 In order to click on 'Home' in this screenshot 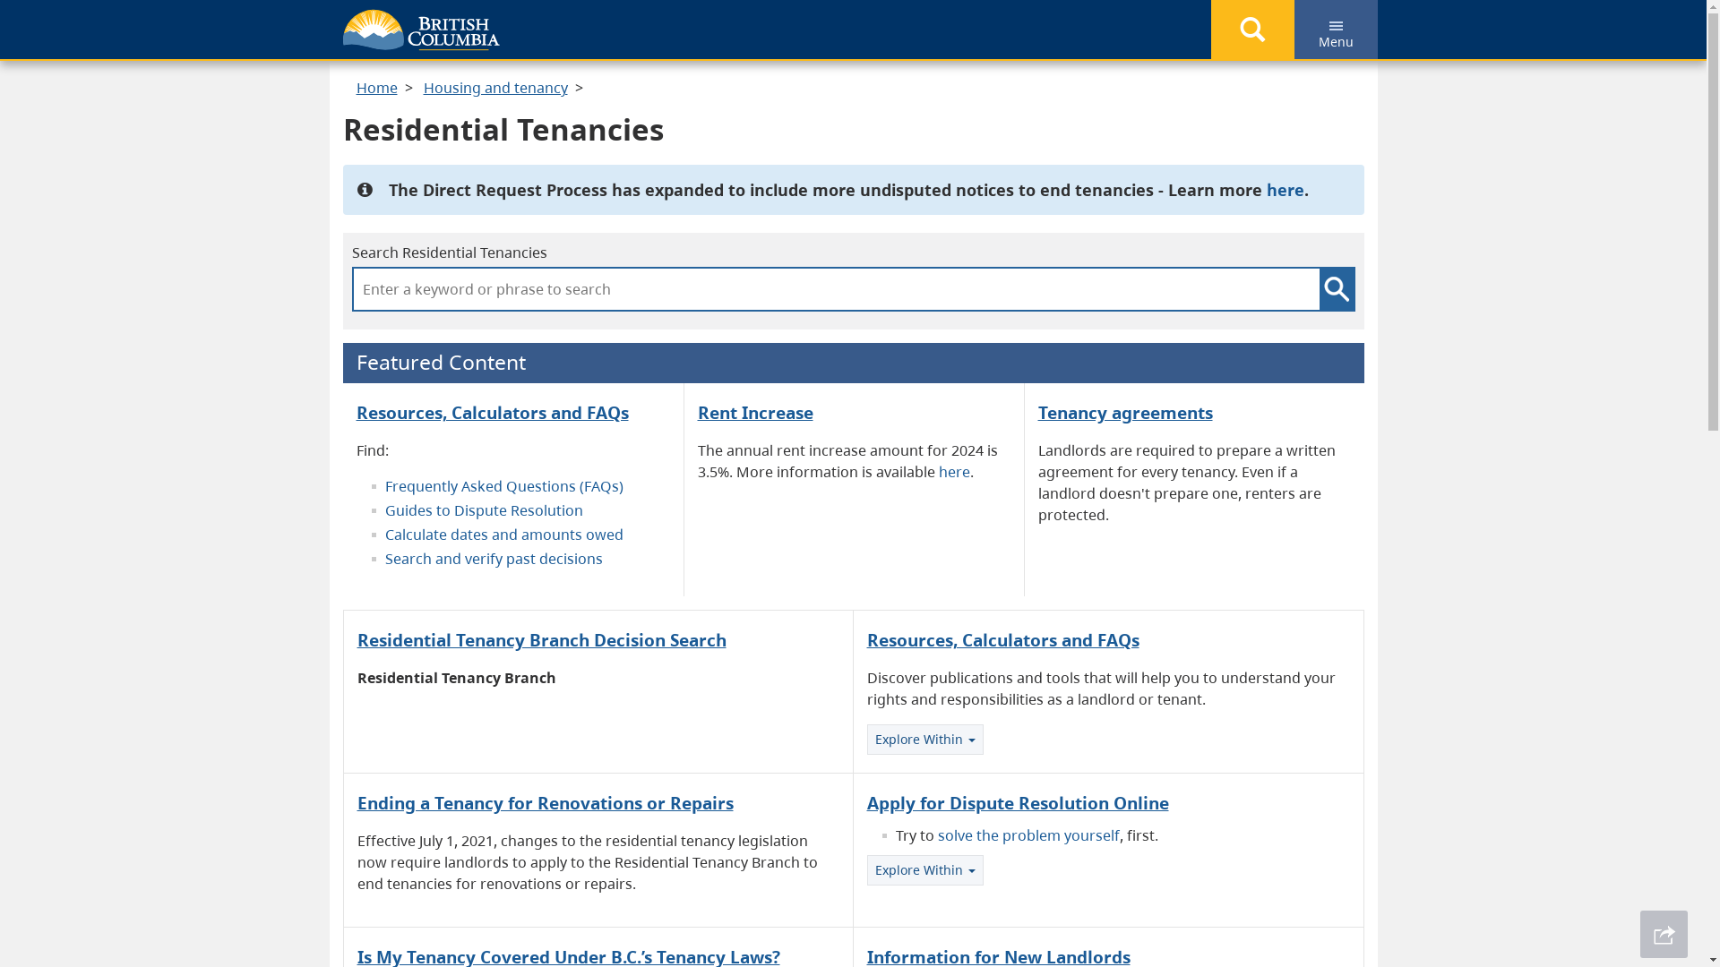, I will do `click(376, 87)`.